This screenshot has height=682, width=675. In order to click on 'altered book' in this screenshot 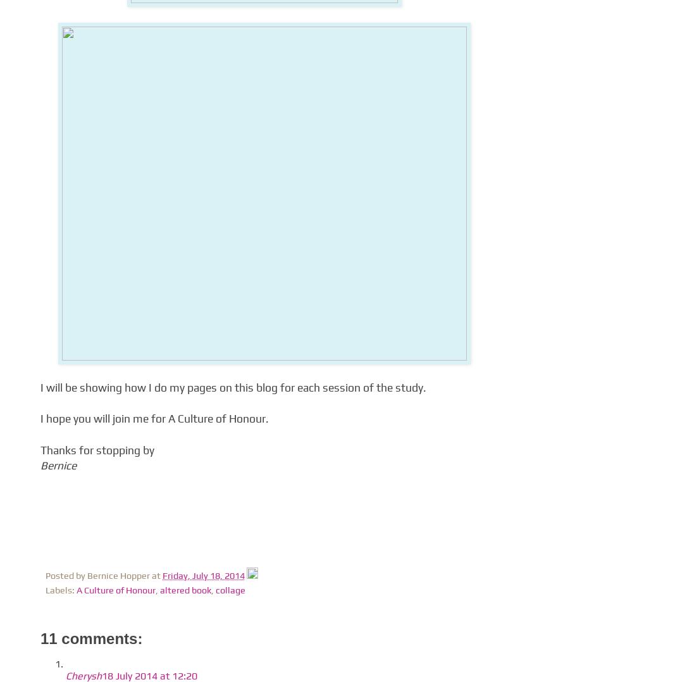, I will do `click(185, 590)`.